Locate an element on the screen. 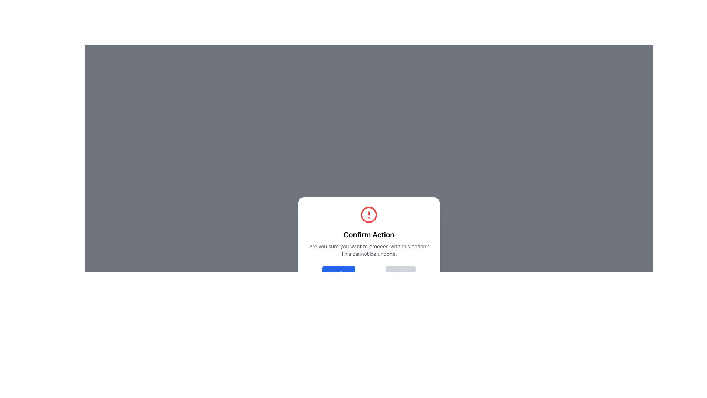 The width and height of the screenshot is (707, 398). the cancel button positioned to the right of the Confirm button is located at coordinates (400, 274).